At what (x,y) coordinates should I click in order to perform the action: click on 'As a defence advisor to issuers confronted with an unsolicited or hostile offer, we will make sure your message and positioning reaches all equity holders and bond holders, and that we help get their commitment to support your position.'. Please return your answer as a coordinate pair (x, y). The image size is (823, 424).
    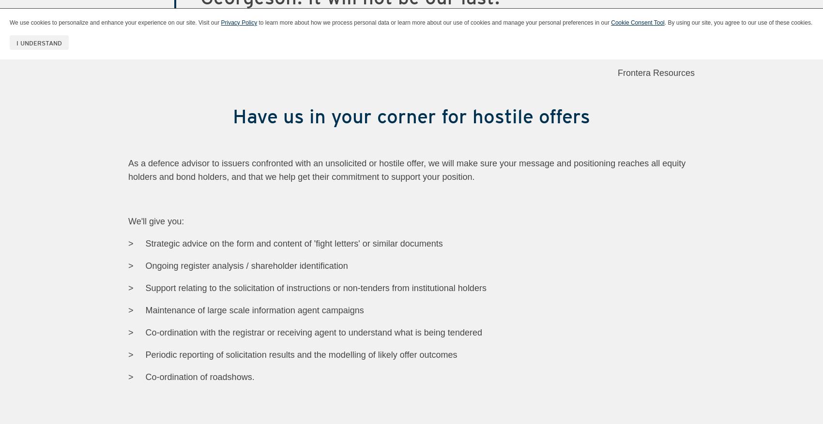
    Looking at the image, I should click on (406, 169).